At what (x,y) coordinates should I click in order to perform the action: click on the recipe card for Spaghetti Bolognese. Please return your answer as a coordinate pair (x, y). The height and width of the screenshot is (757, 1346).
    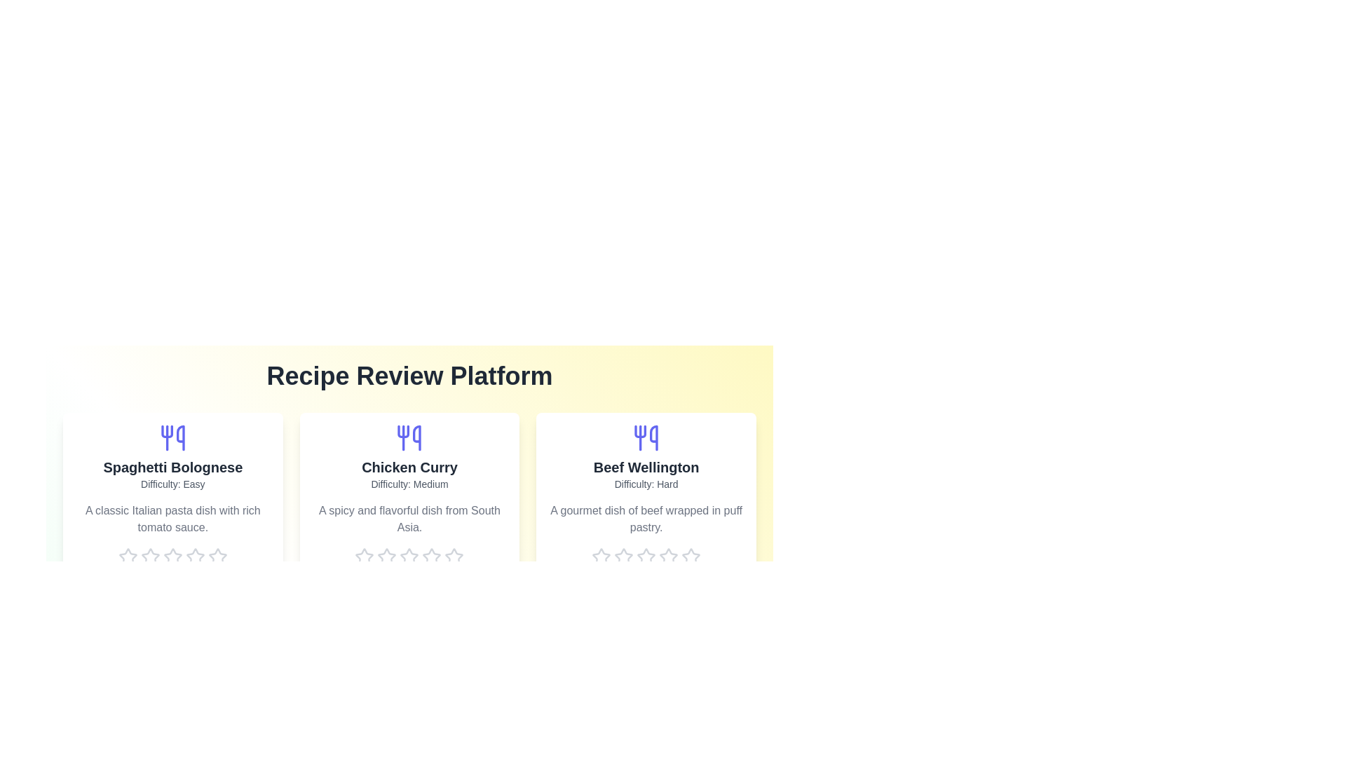
    Looking at the image, I should click on (172, 506).